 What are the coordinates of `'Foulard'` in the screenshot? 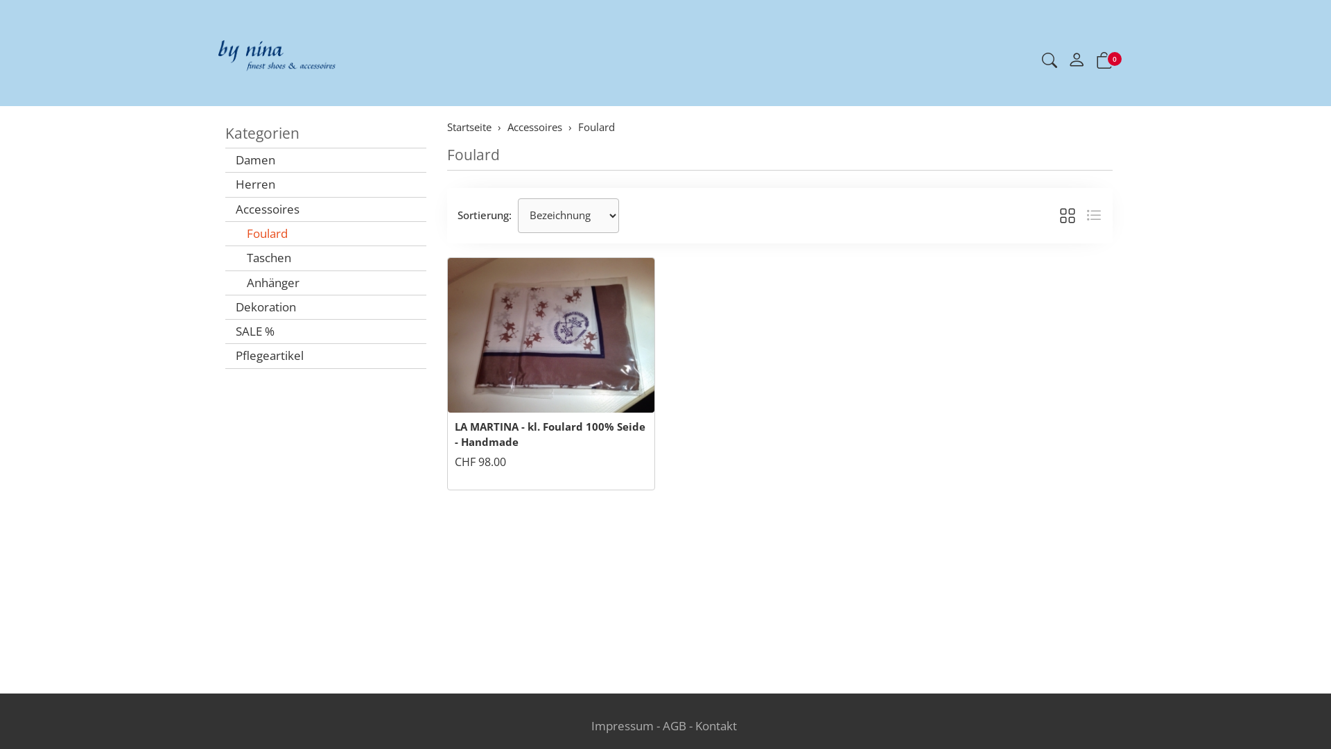 It's located at (325, 232).